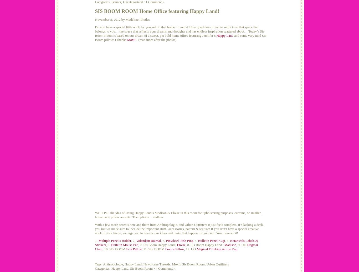  Describe the element at coordinates (156, 264) in the screenshot. I see `'Hawthorne Threads'` at that location.